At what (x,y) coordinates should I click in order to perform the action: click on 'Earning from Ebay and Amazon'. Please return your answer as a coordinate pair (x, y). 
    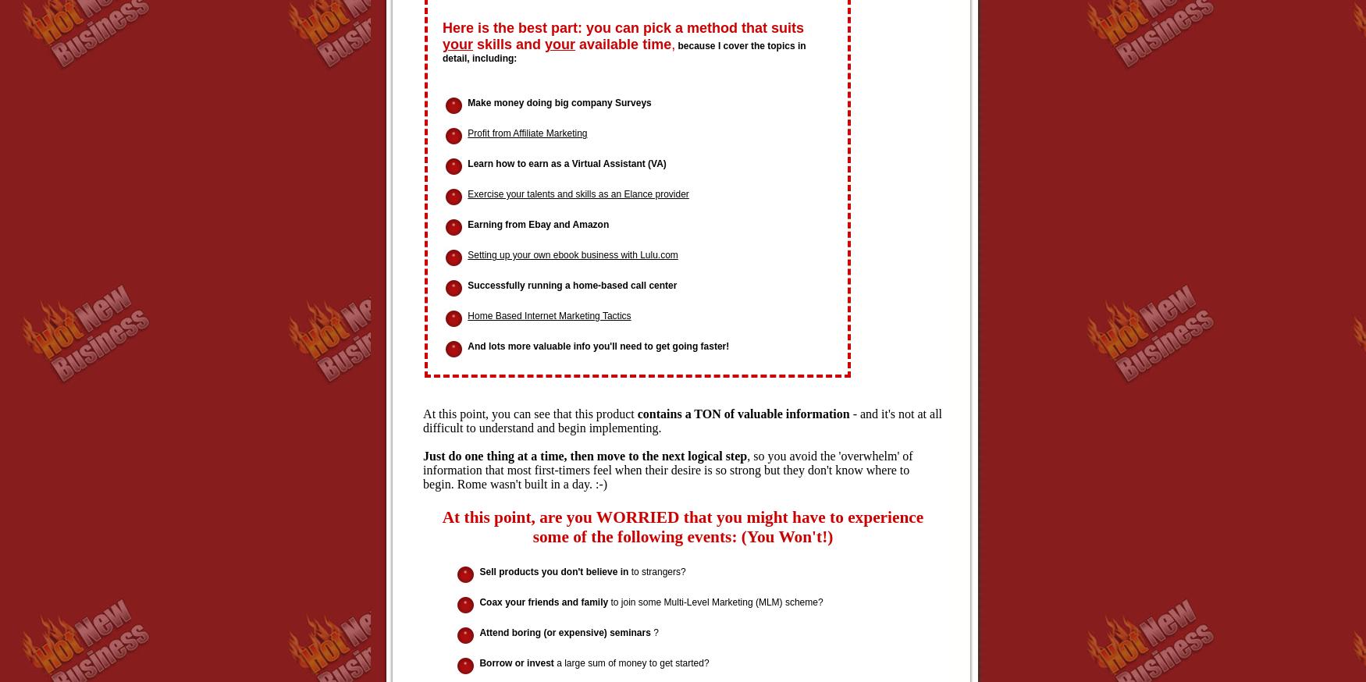
    Looking at the image, I should click on (538, 224).